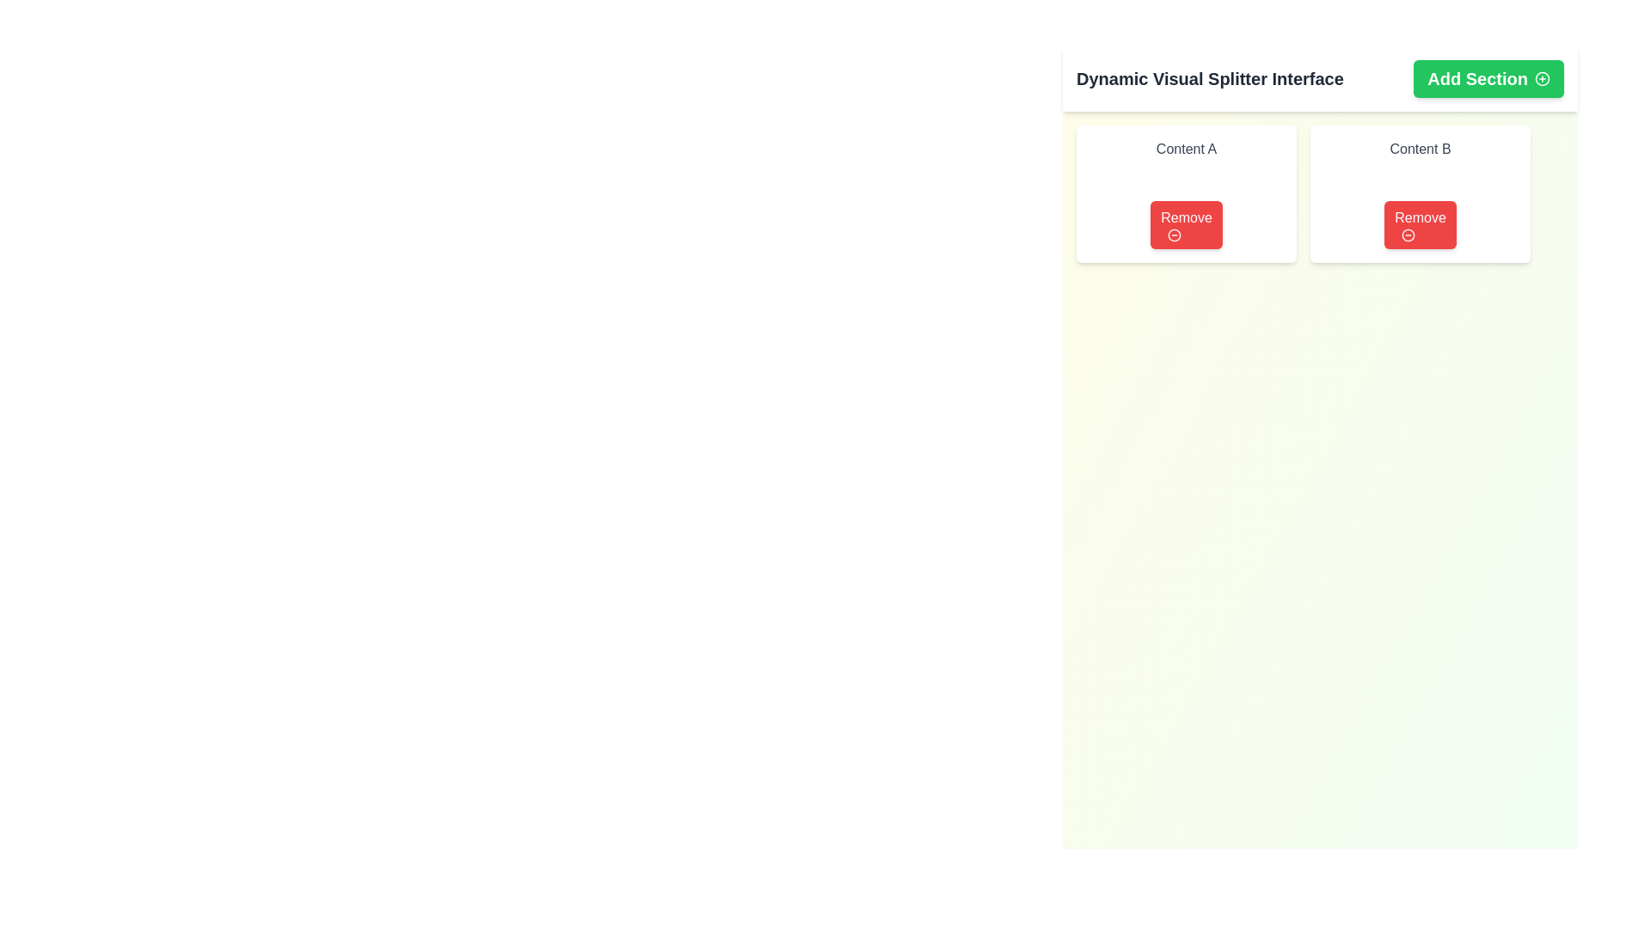  Describe the element at coordinates (1543, 79) in the screenshot. I see `the icon located at the top-right corner of the 'Add Section' button, which visually represents addition or creation functionality` at that location.